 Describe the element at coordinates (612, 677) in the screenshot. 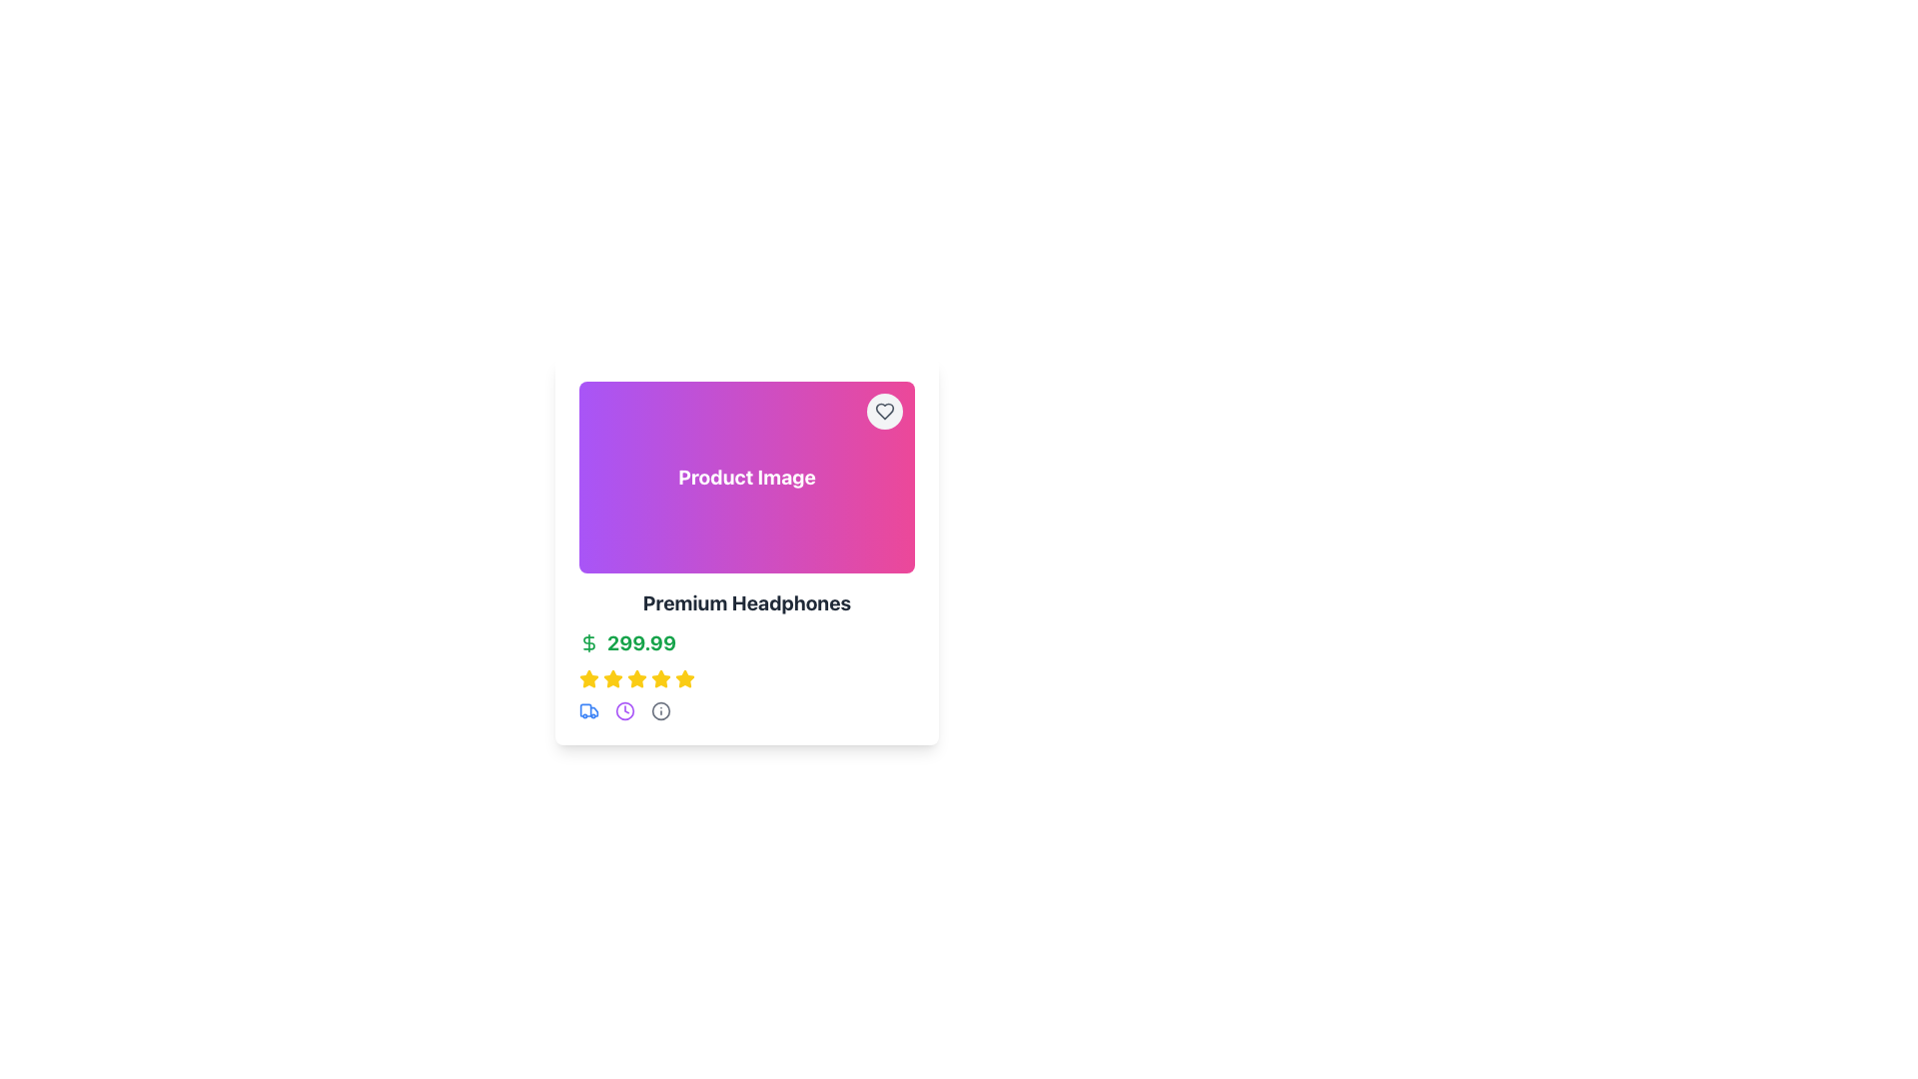

I see `the third star icon in a row of five rating stars, which is filled with yellow color and located below the product details` at that location.